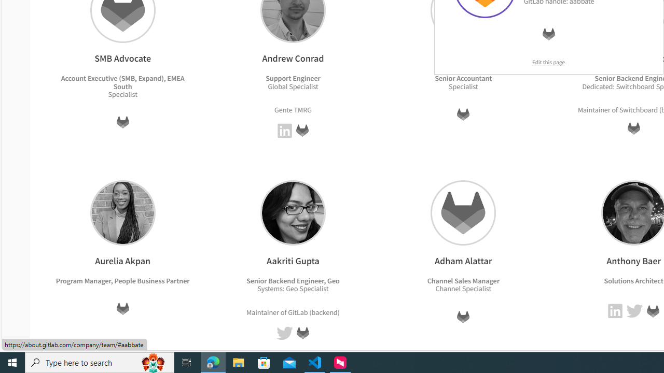  Describe the element at coordinates (262, 311) in the screenshot. I see `'Maintainer'` at that location.